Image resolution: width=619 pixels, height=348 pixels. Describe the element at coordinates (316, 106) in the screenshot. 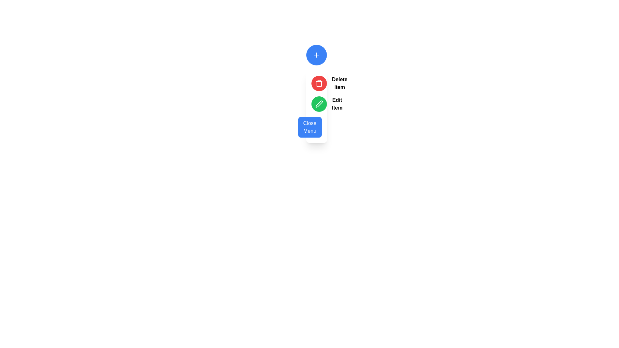

I see `the green circular button with a pencil icon in the Action menu to initiate editing` at that location.